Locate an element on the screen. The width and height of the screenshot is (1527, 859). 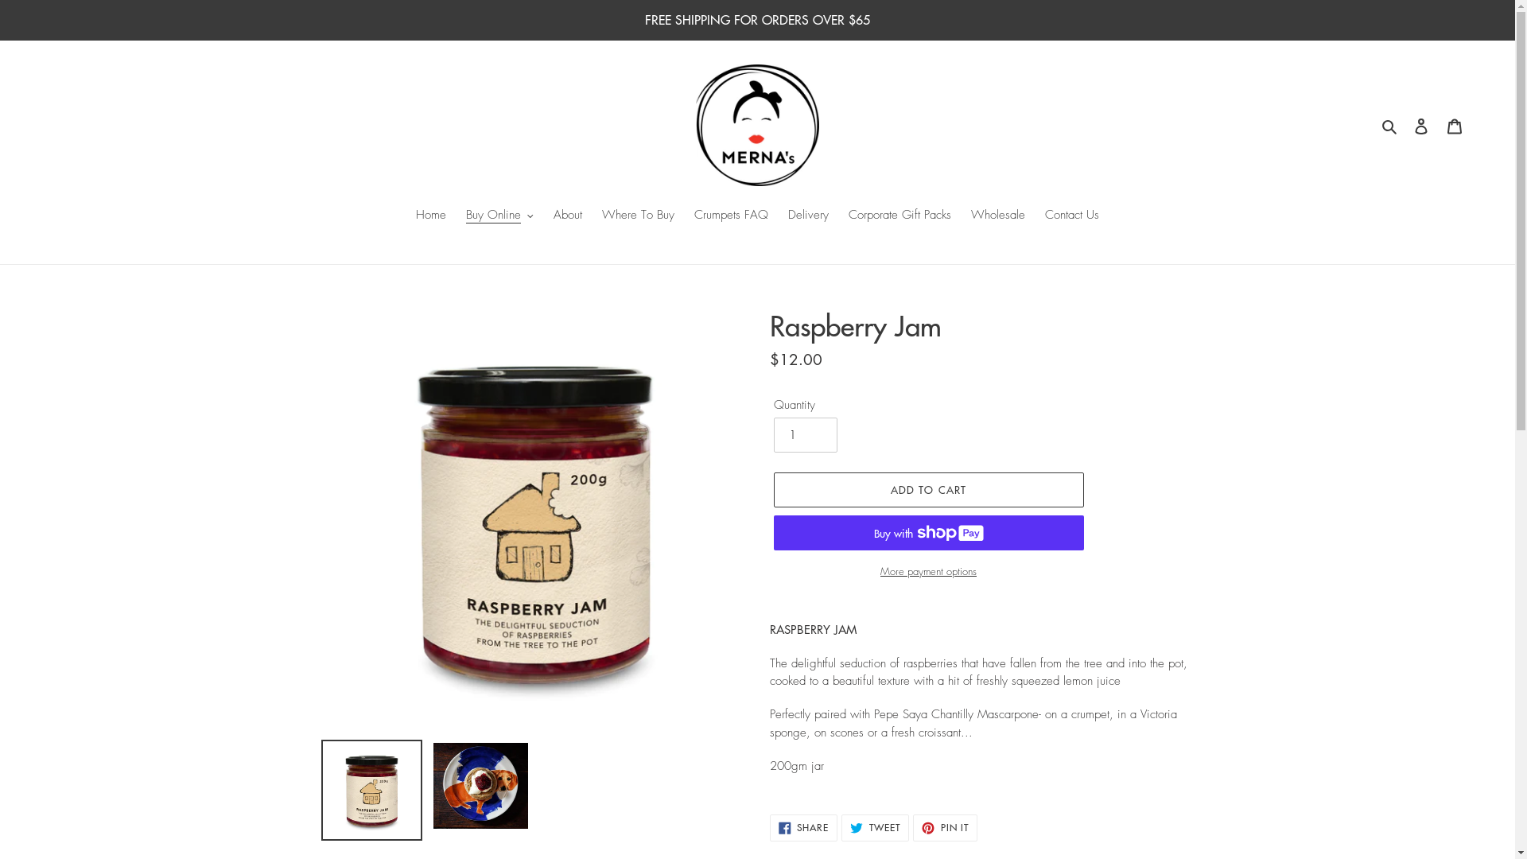
'Home' is located at coordinates (431, 216).